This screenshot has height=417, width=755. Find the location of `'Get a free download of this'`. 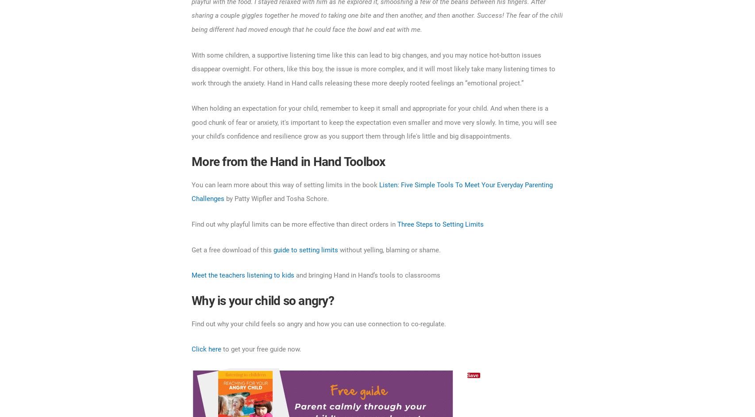

'Get a free download of this' is located at coordinates (191, 249).